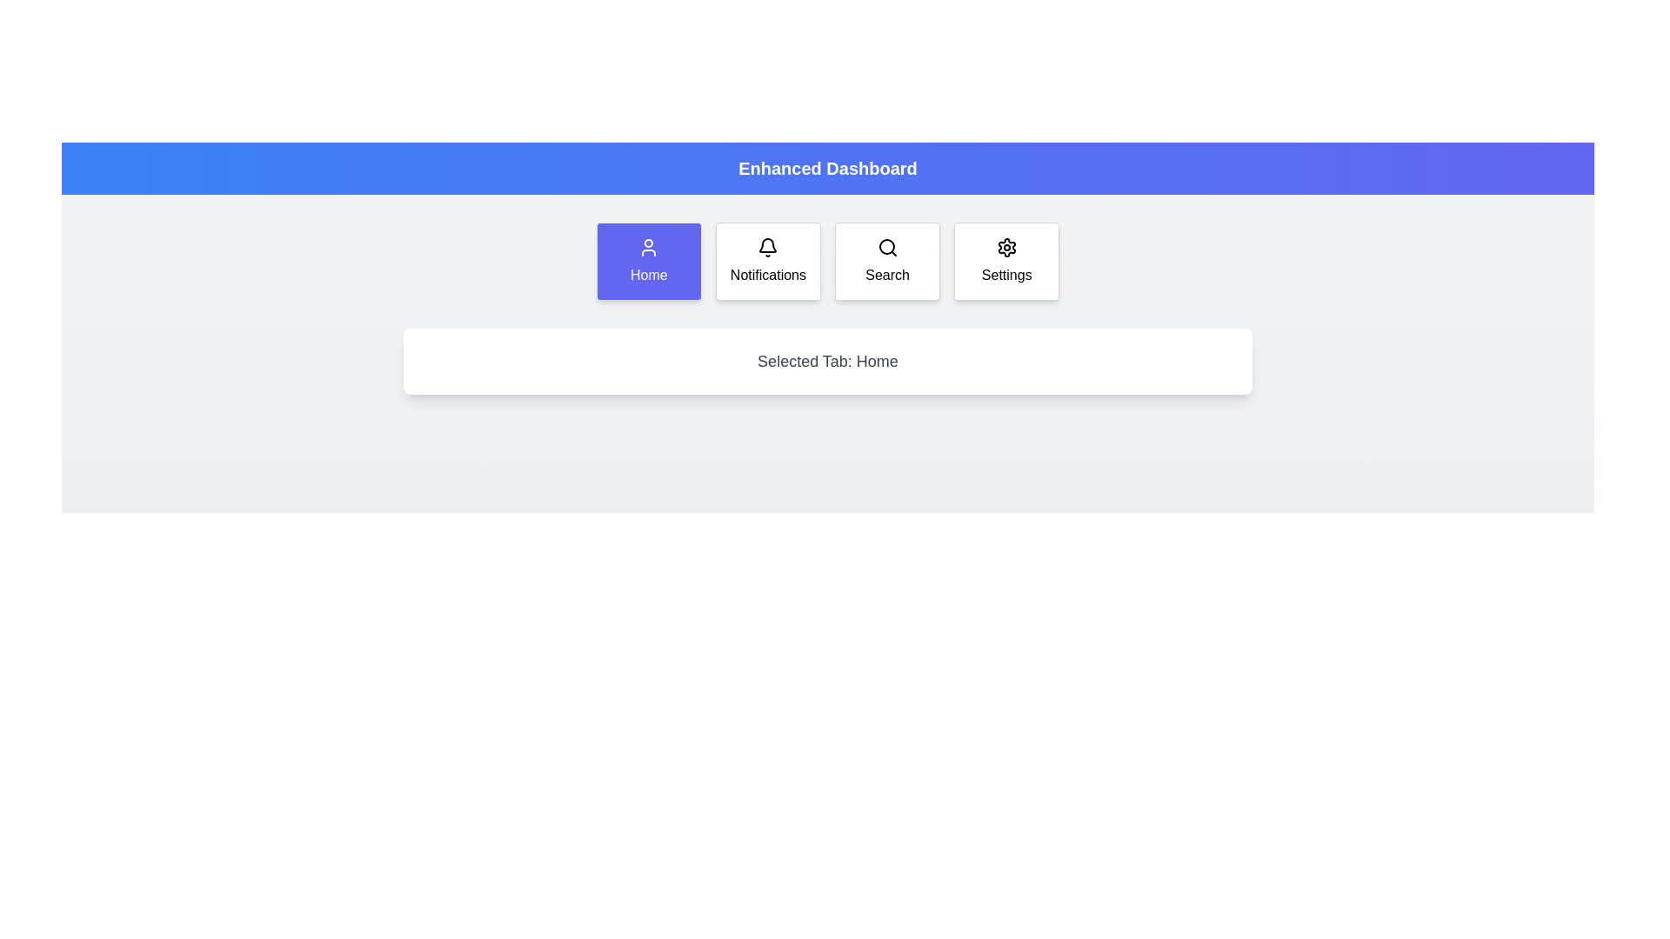 This screenshot has width=1670, height=939. Describe the element at coordinates (767, 261) in the screenshot. I see `the 'Notifications' button, which features a black bell icon above the text 'Notifications', to trigger visual feedback` at that location.